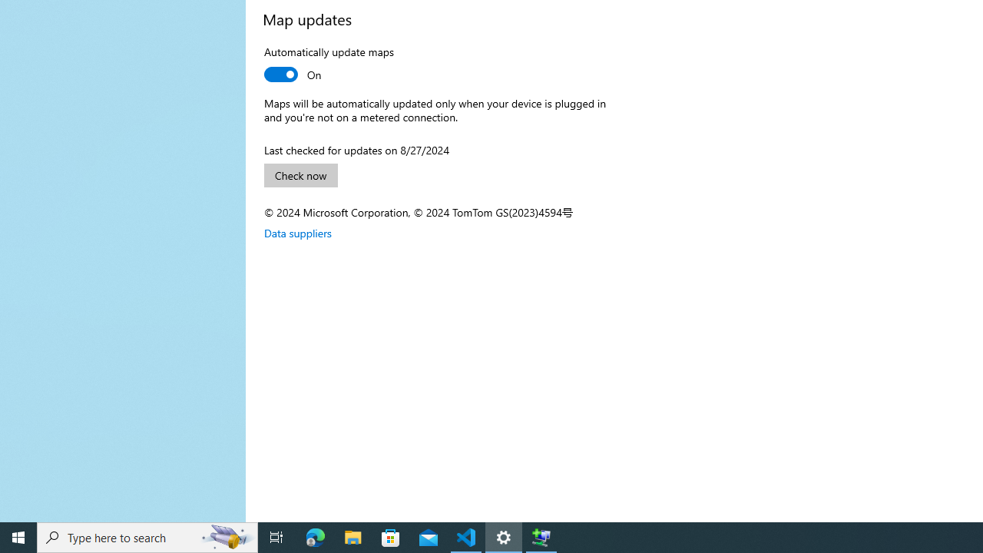 The width and height of the screenshot is (983, 553). I want to click on 'Extensible Wizards Host Process - 1 running window', so click(541, 536).